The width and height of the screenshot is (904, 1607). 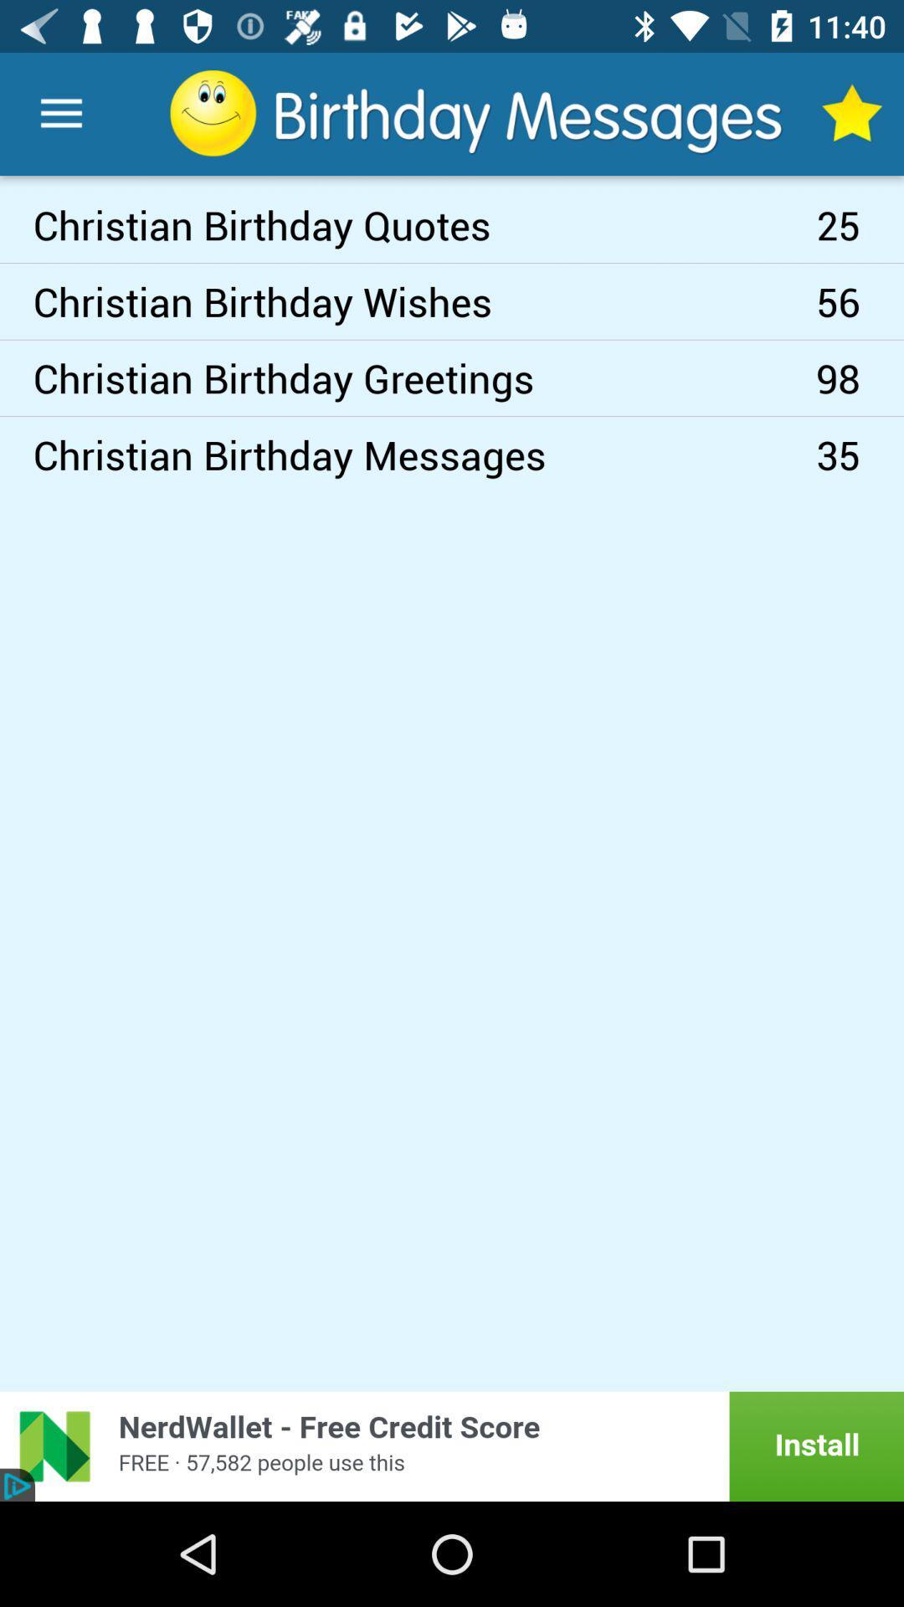 What do you see at coordinates (860, 377) in the screenshot?
I see `the 98 item` at bounding box center [860, 377].